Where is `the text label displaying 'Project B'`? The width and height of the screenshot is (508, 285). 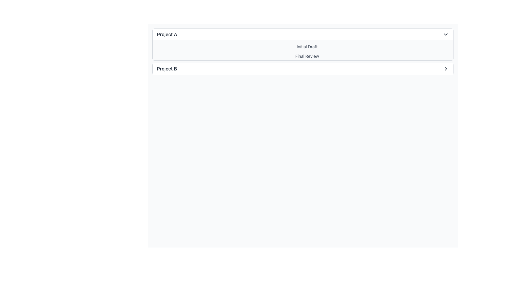
the text label displaying 'Project B' is located at coordinates (167, 69).